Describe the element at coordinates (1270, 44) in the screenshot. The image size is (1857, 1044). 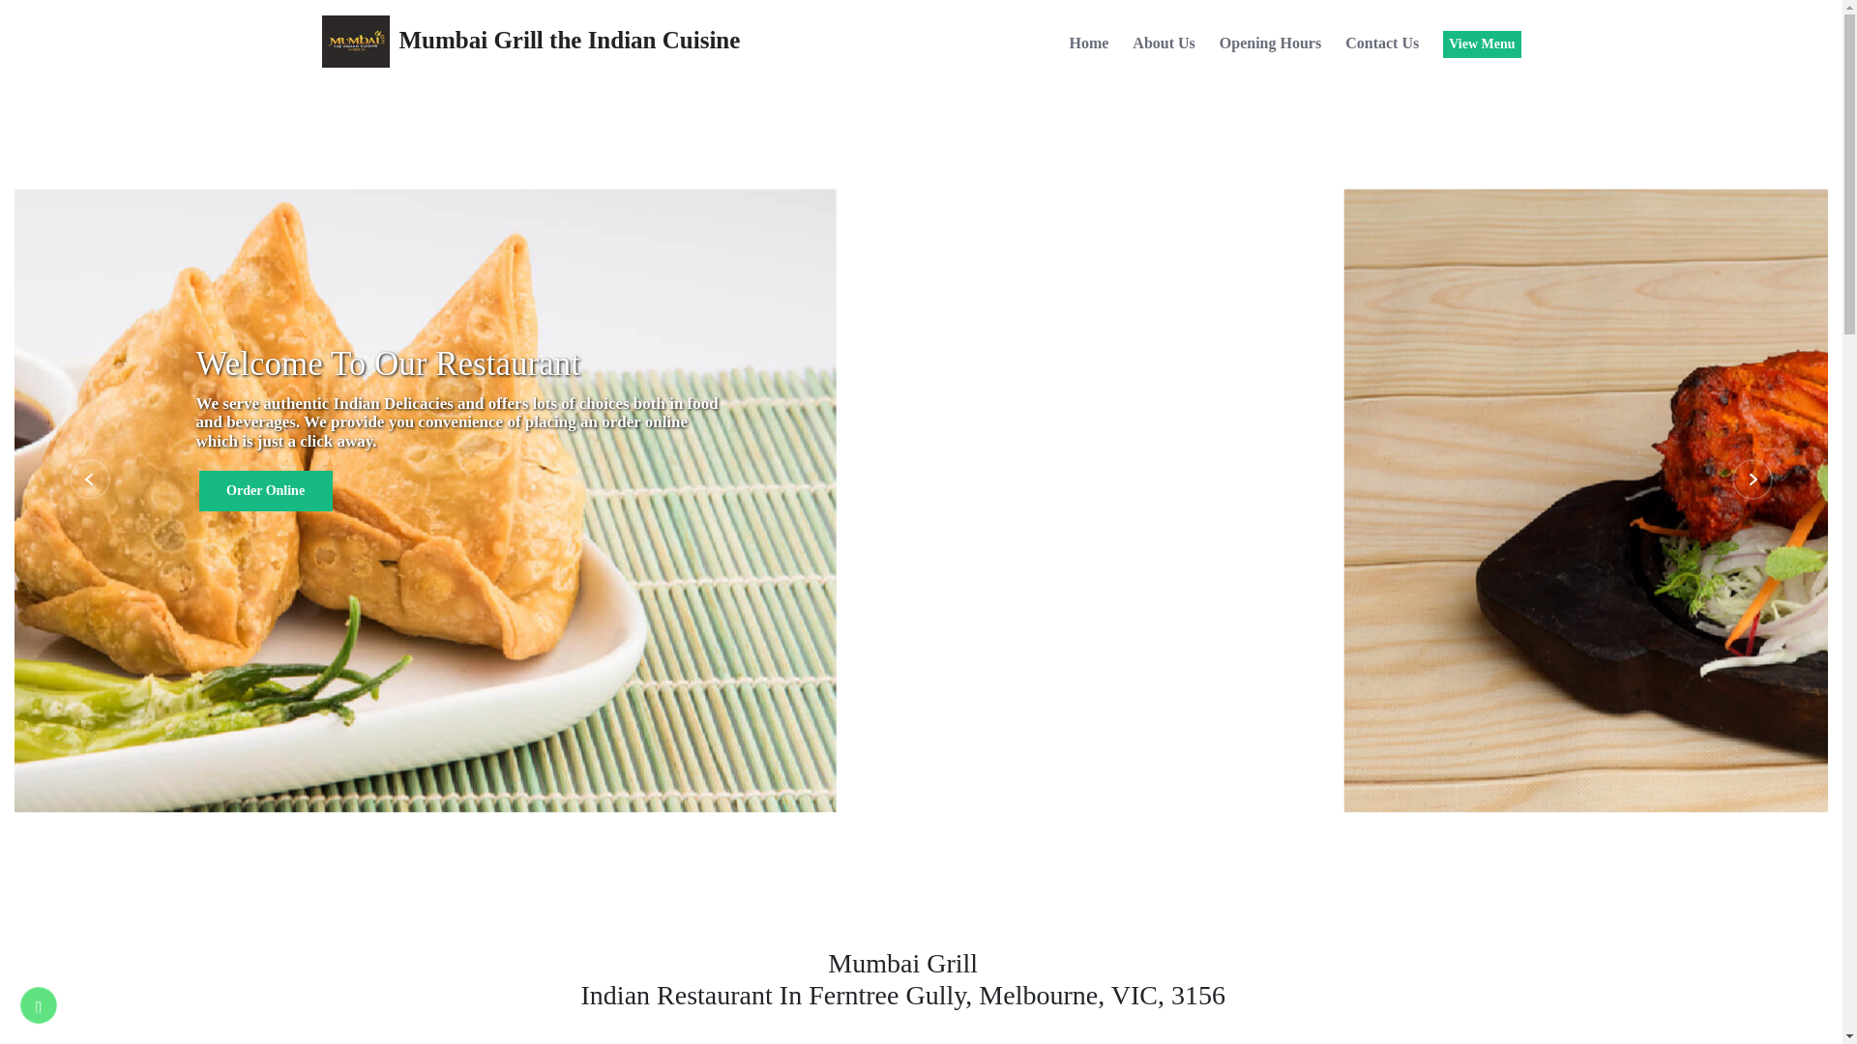
I see `'Opening Hours'` at that location.